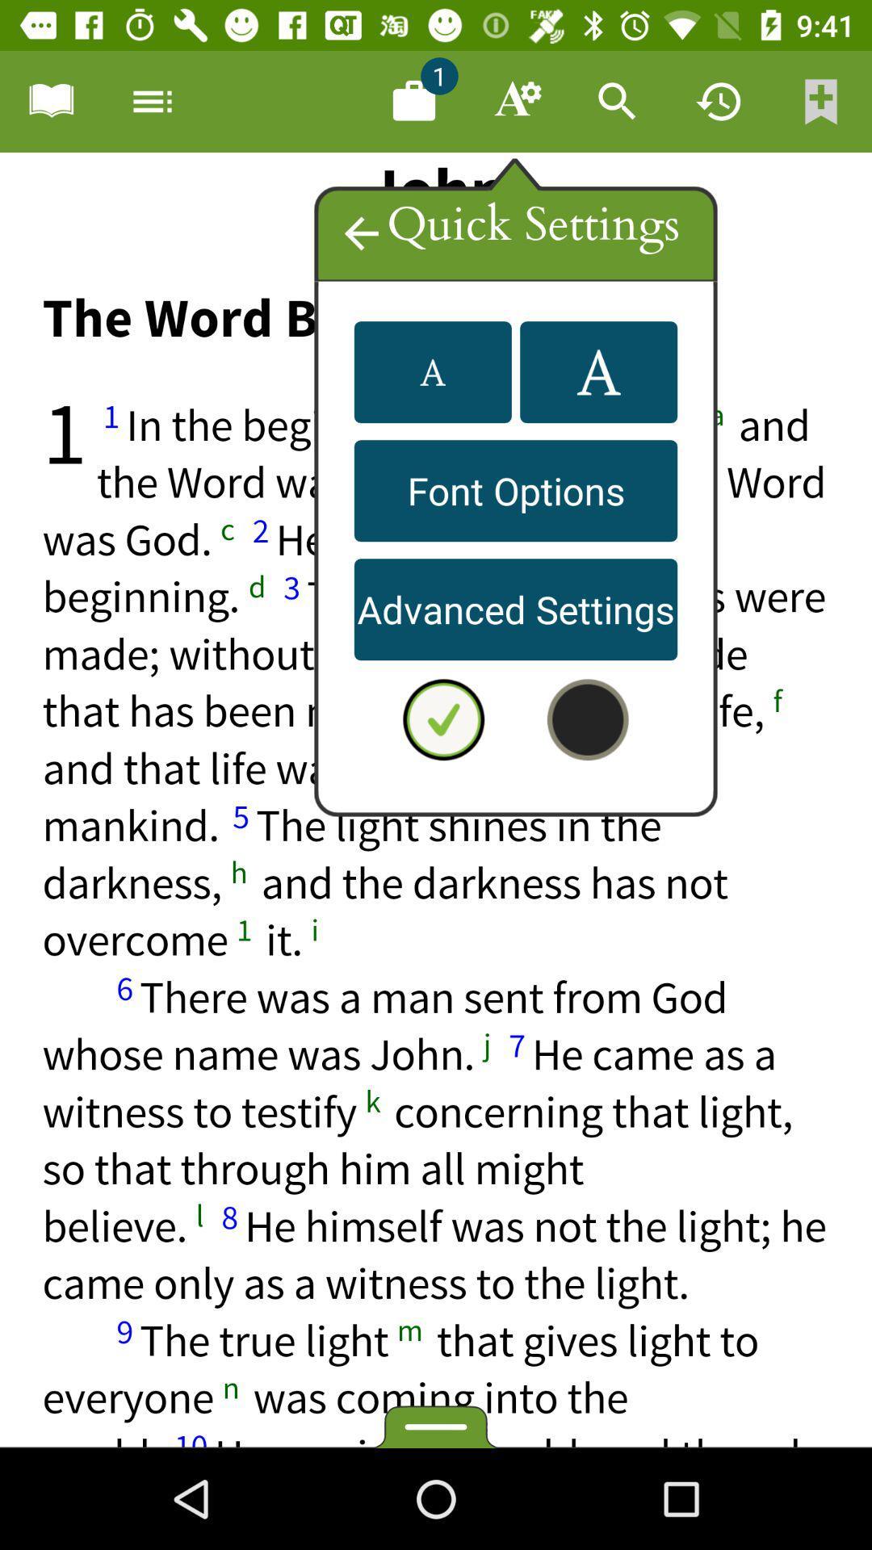 This screenshot has height=1550, width=872. I want to click on the font icon, so click(598, 371).